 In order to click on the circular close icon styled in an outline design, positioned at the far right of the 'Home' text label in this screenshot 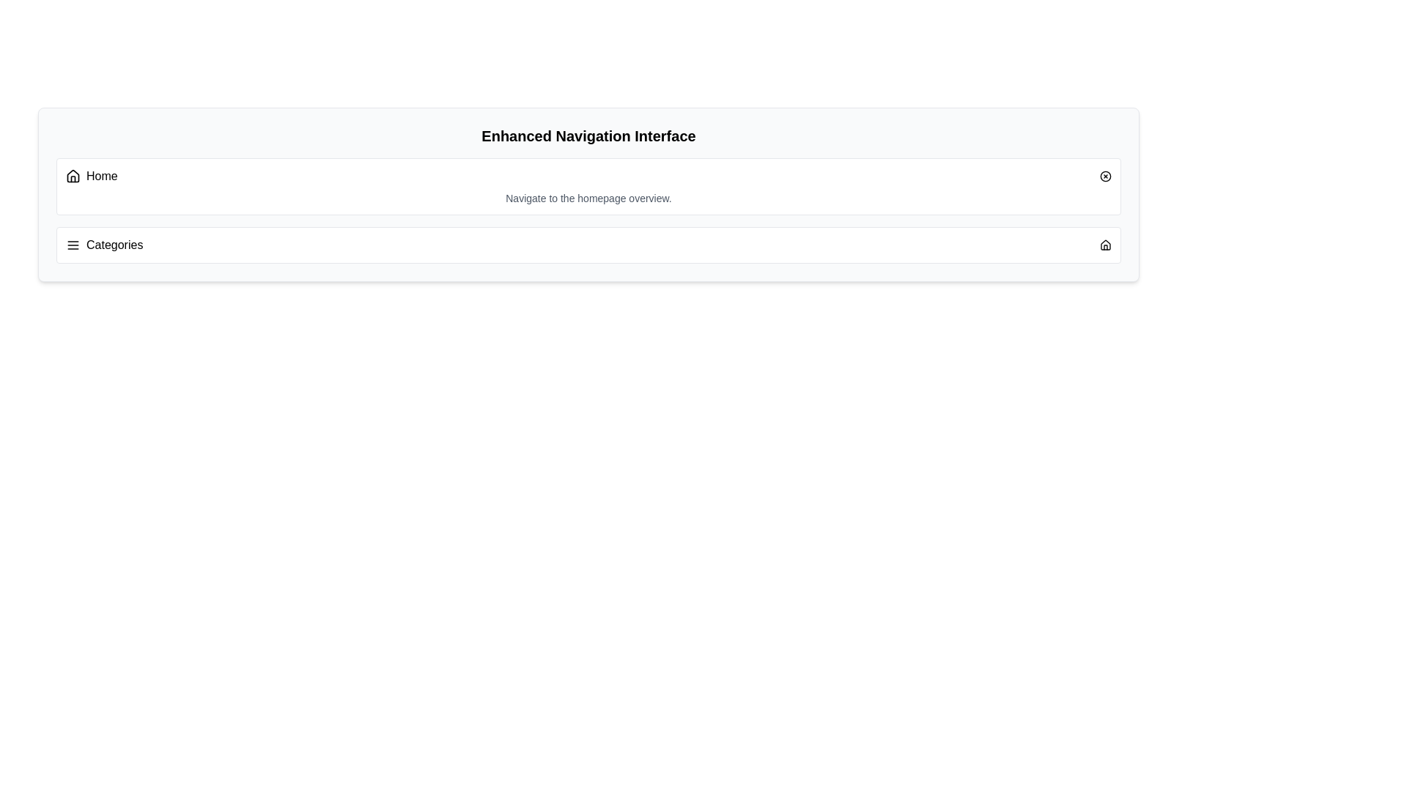, I will do `click(1105, 175)`.